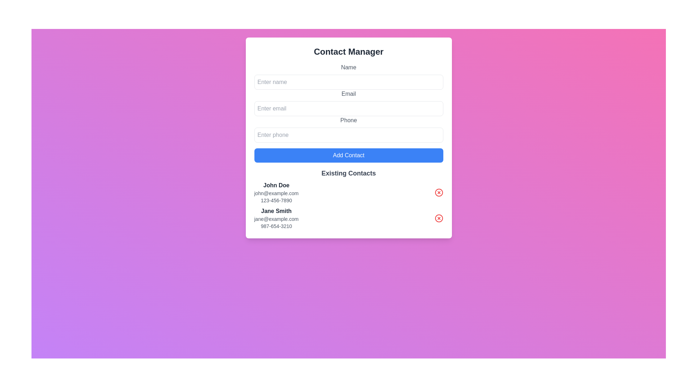  Describe the element at coordinates (349, 192) in the screenshot. I see `contact information contained within the contact information card for 'John Doe', which includes the name, email address, and phone number` at that location.